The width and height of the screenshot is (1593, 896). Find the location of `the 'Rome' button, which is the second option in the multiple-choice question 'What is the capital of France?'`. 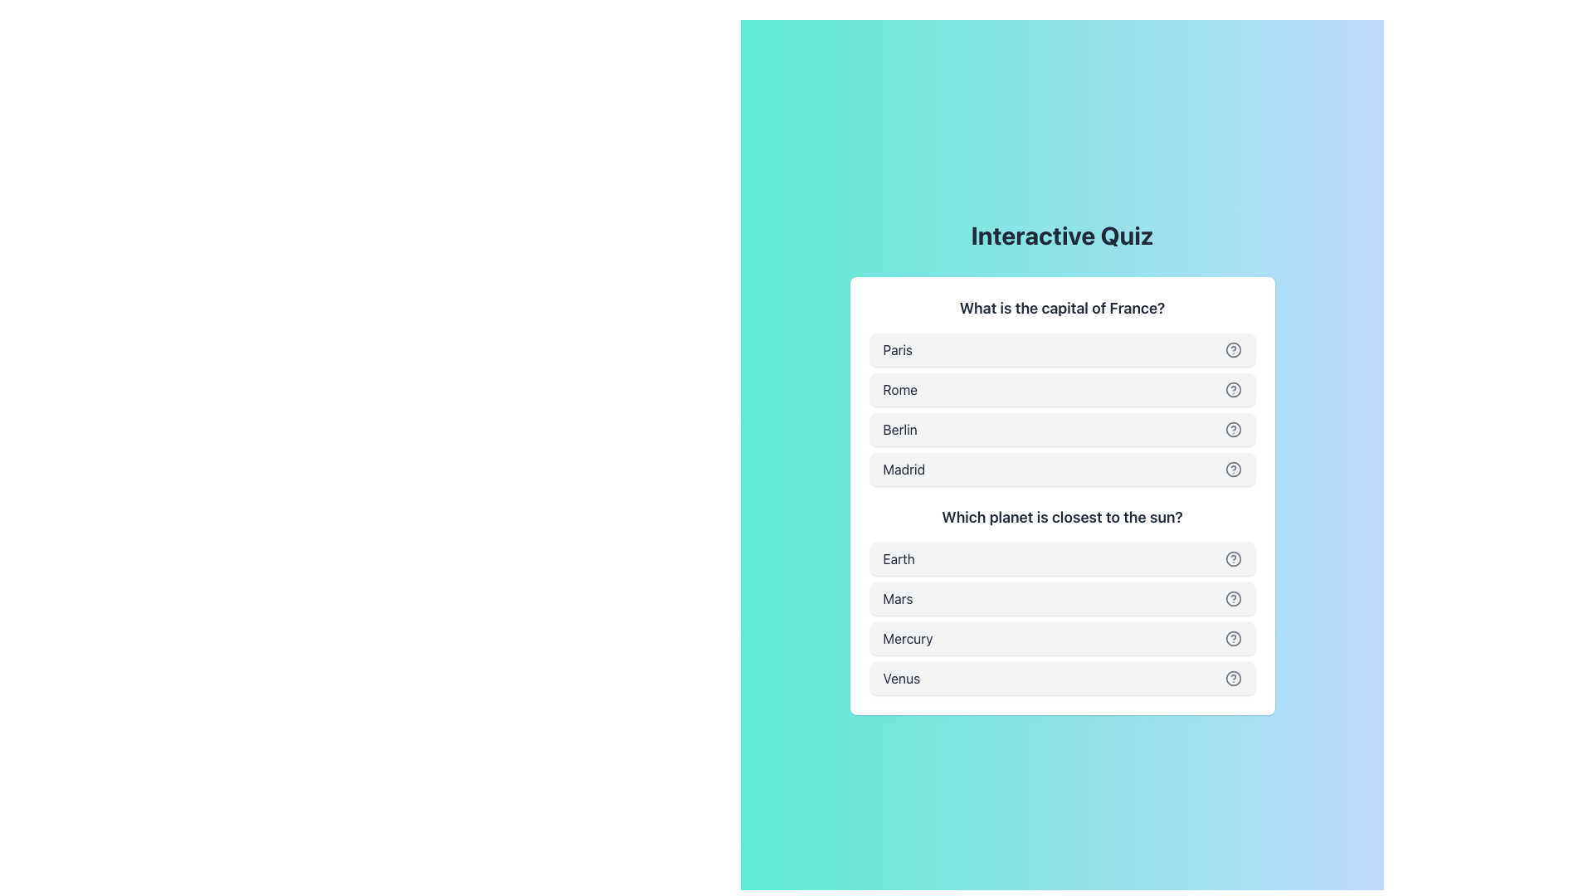

the 'Rome' button, which is the second option in the multiple-choice question 'What is the capital of France?' is located at coordinates (1062, 391).